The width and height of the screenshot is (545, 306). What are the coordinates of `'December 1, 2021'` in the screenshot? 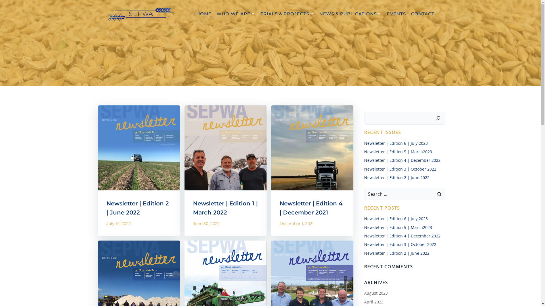 It's located at (296, 223).